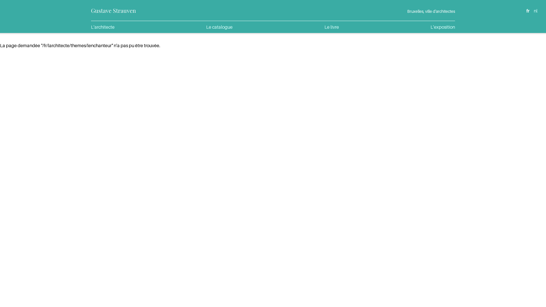  Describe the element at coordinates (442, 27) in the screenshot. I see `'L'exposition'` at that location.